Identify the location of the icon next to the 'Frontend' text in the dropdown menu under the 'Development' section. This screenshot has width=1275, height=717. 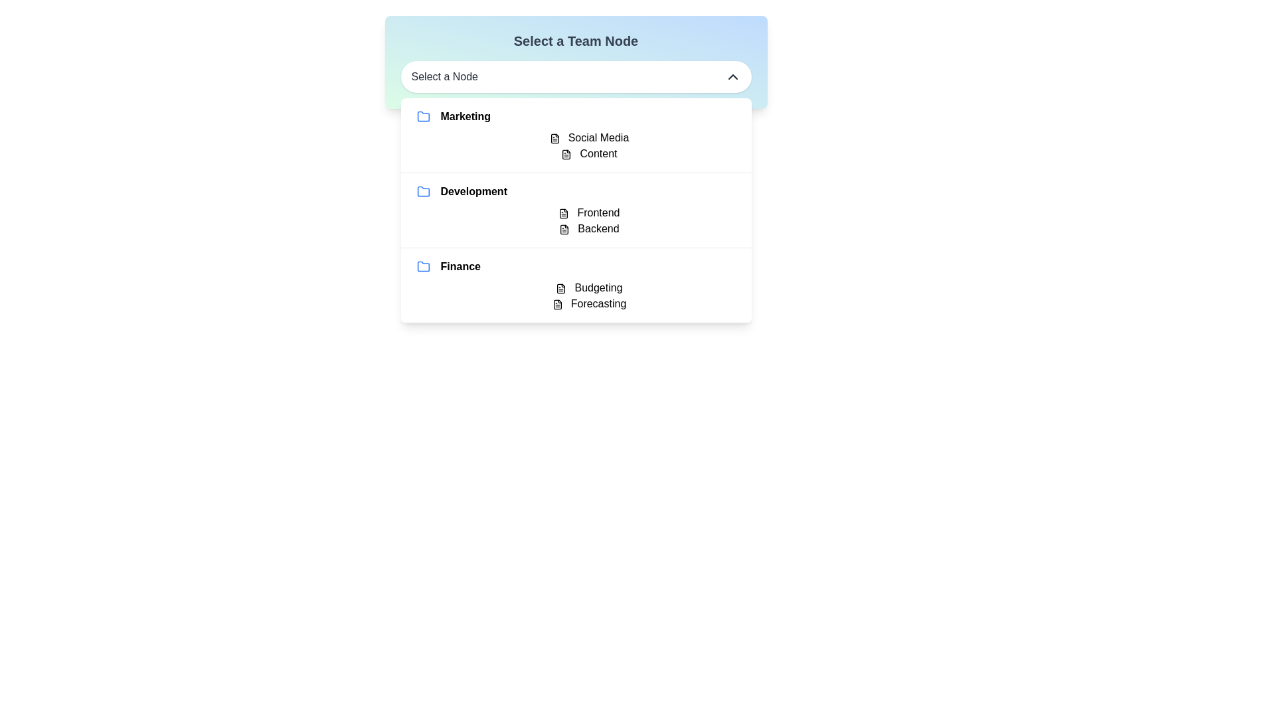
(564, 212).